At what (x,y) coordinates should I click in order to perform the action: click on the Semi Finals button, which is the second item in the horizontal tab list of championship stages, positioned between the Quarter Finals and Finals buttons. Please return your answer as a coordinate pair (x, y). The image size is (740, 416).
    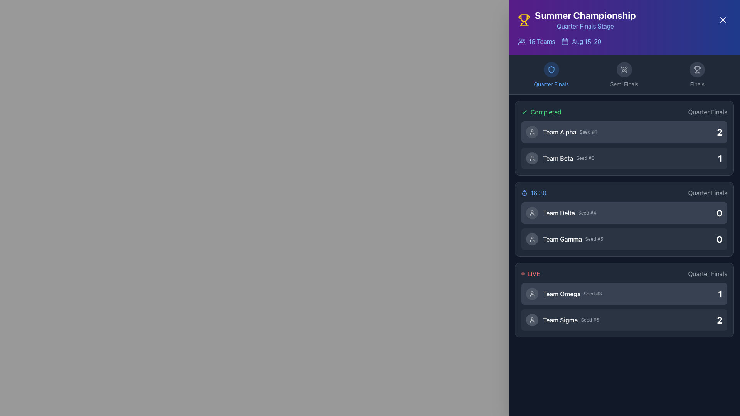
    Looking at the image, I should click on (624, 75).